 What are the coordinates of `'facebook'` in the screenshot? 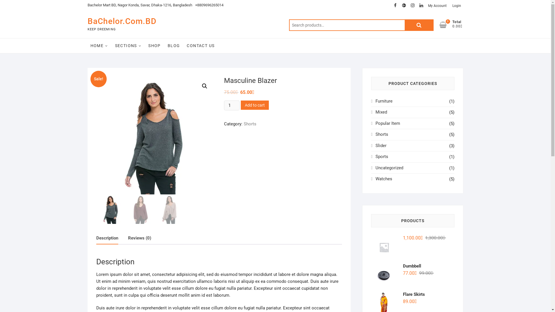 It's located at (395, 5).